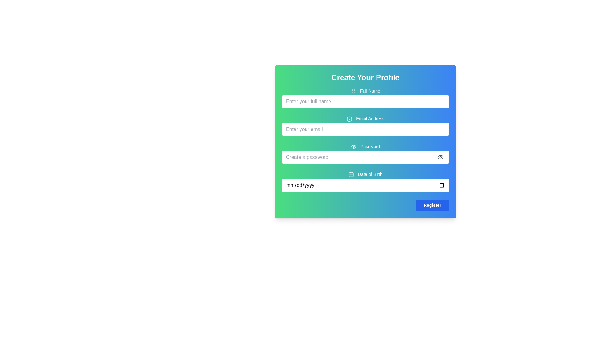 This screenshot has height=341, width=606. What do you see at coordinates (353, 91) in the screenshot?
I see `the user icon located to the left of the 'Full Name' label, which is a minimalistic circular head shape above a curved line representing shoulders` at bounding box center [353, 91].